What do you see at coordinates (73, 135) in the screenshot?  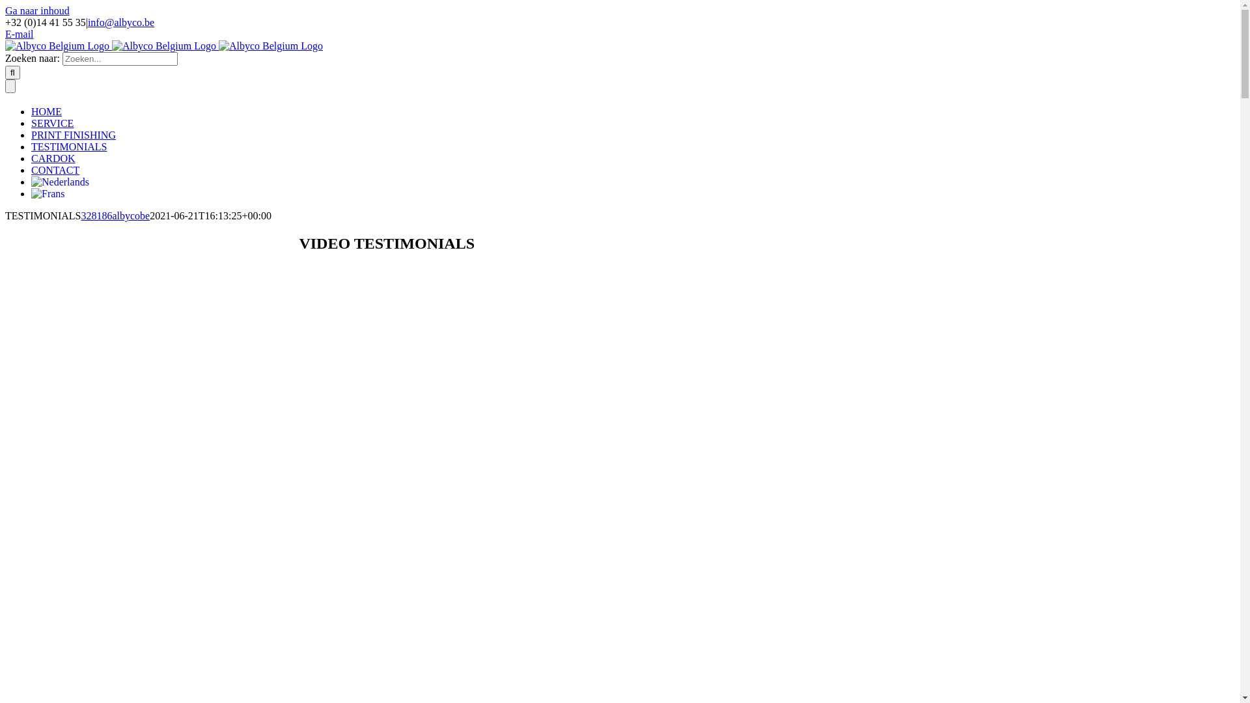 I see `'PRINT FINISHING'` at bounding box center [73, 135].